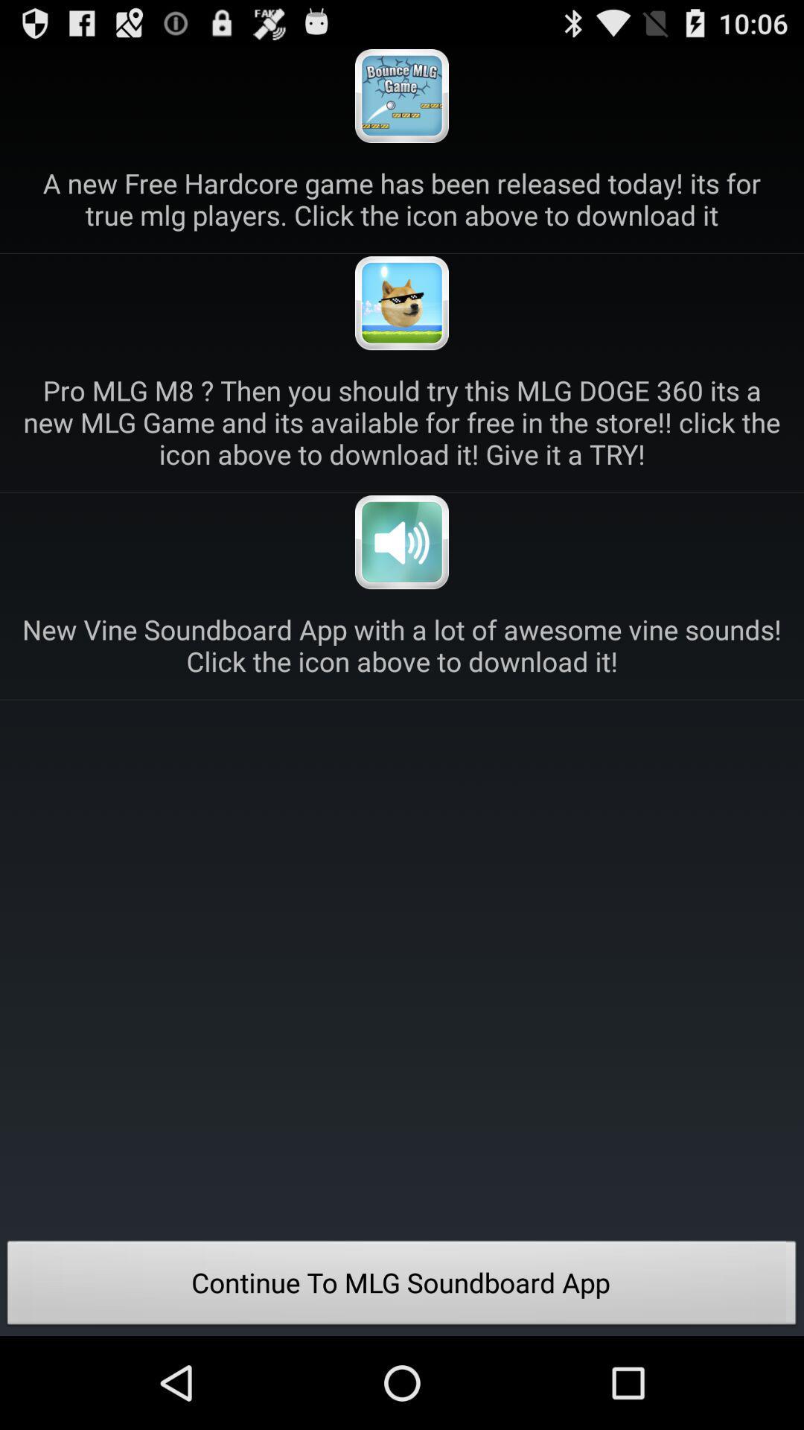 The width and height of the screenshot is (804, 1430). What do you see at coordinates (402, 541) in the screenshot?
I see `download new vine sounds` at bounding box center [402, 541].